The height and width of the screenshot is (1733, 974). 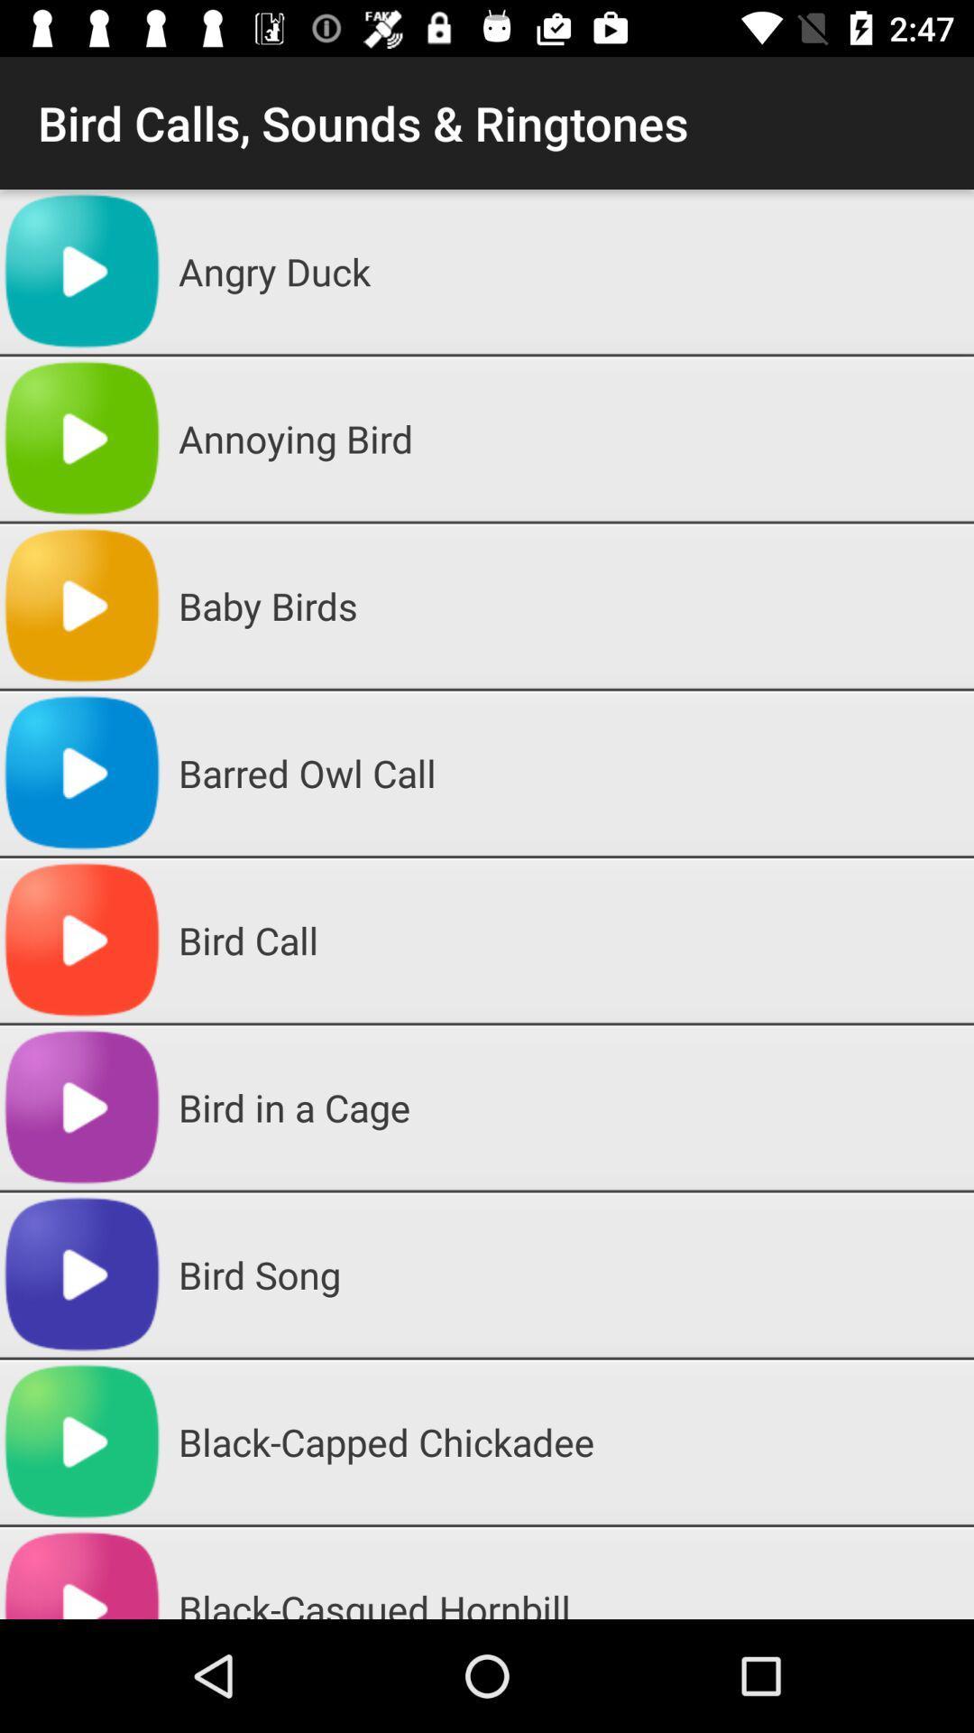 I want to click on angry duck, so click(x=569, y=271).